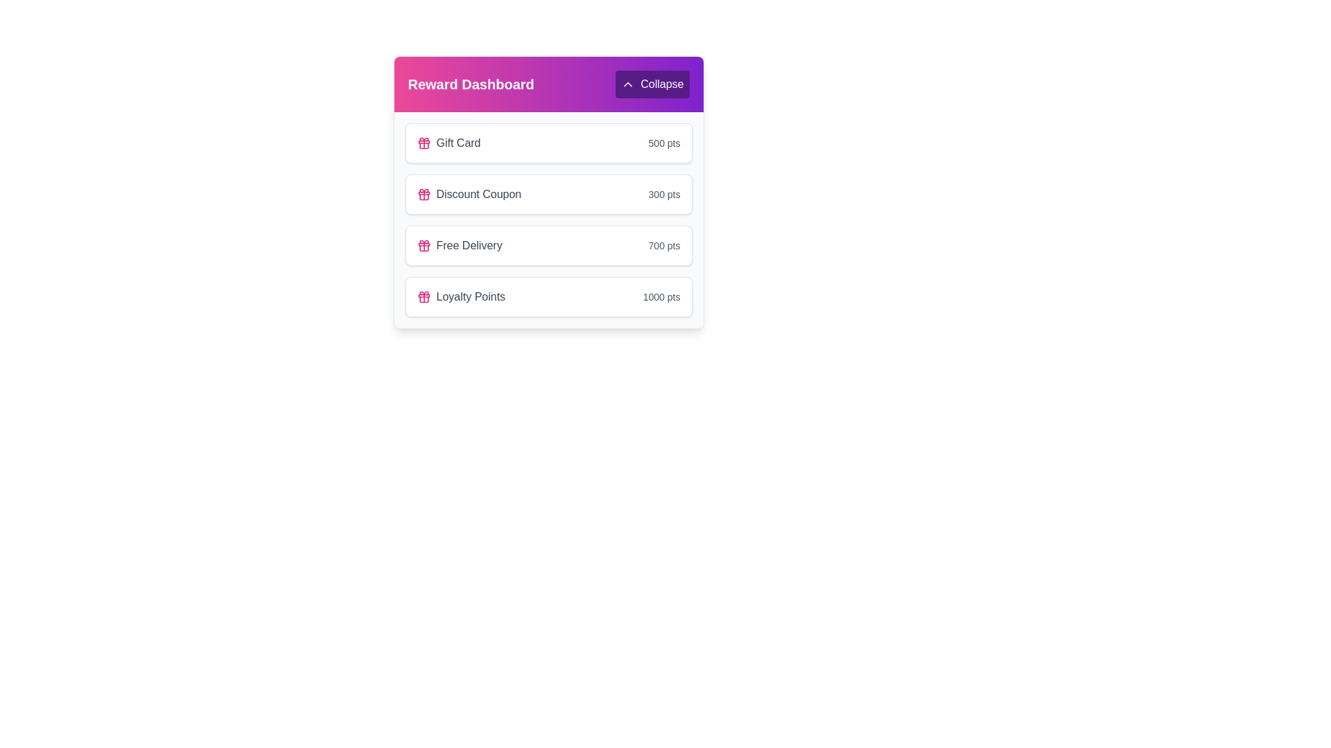  I want to click on the non-interactive Text label for the first reward option in the Reward Dashboard, which is located above the 'Discount Coupon' and 'Free Delivery' items, so click(449, 143).